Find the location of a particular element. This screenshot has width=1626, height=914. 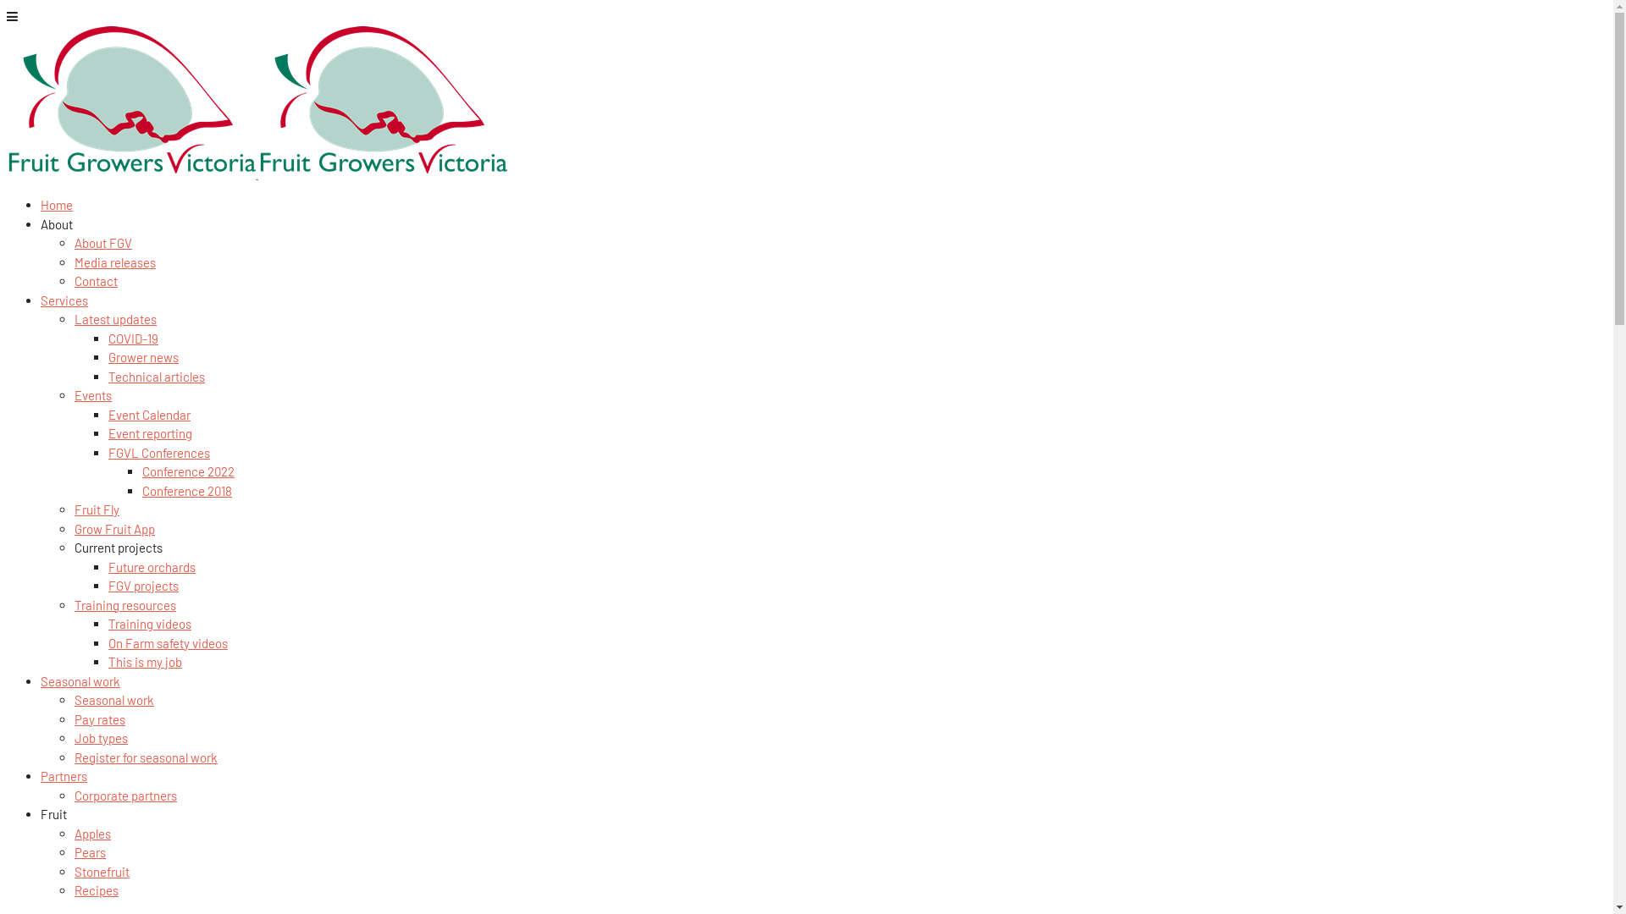

'Stonefruit' is located at coordinates (101, 871).